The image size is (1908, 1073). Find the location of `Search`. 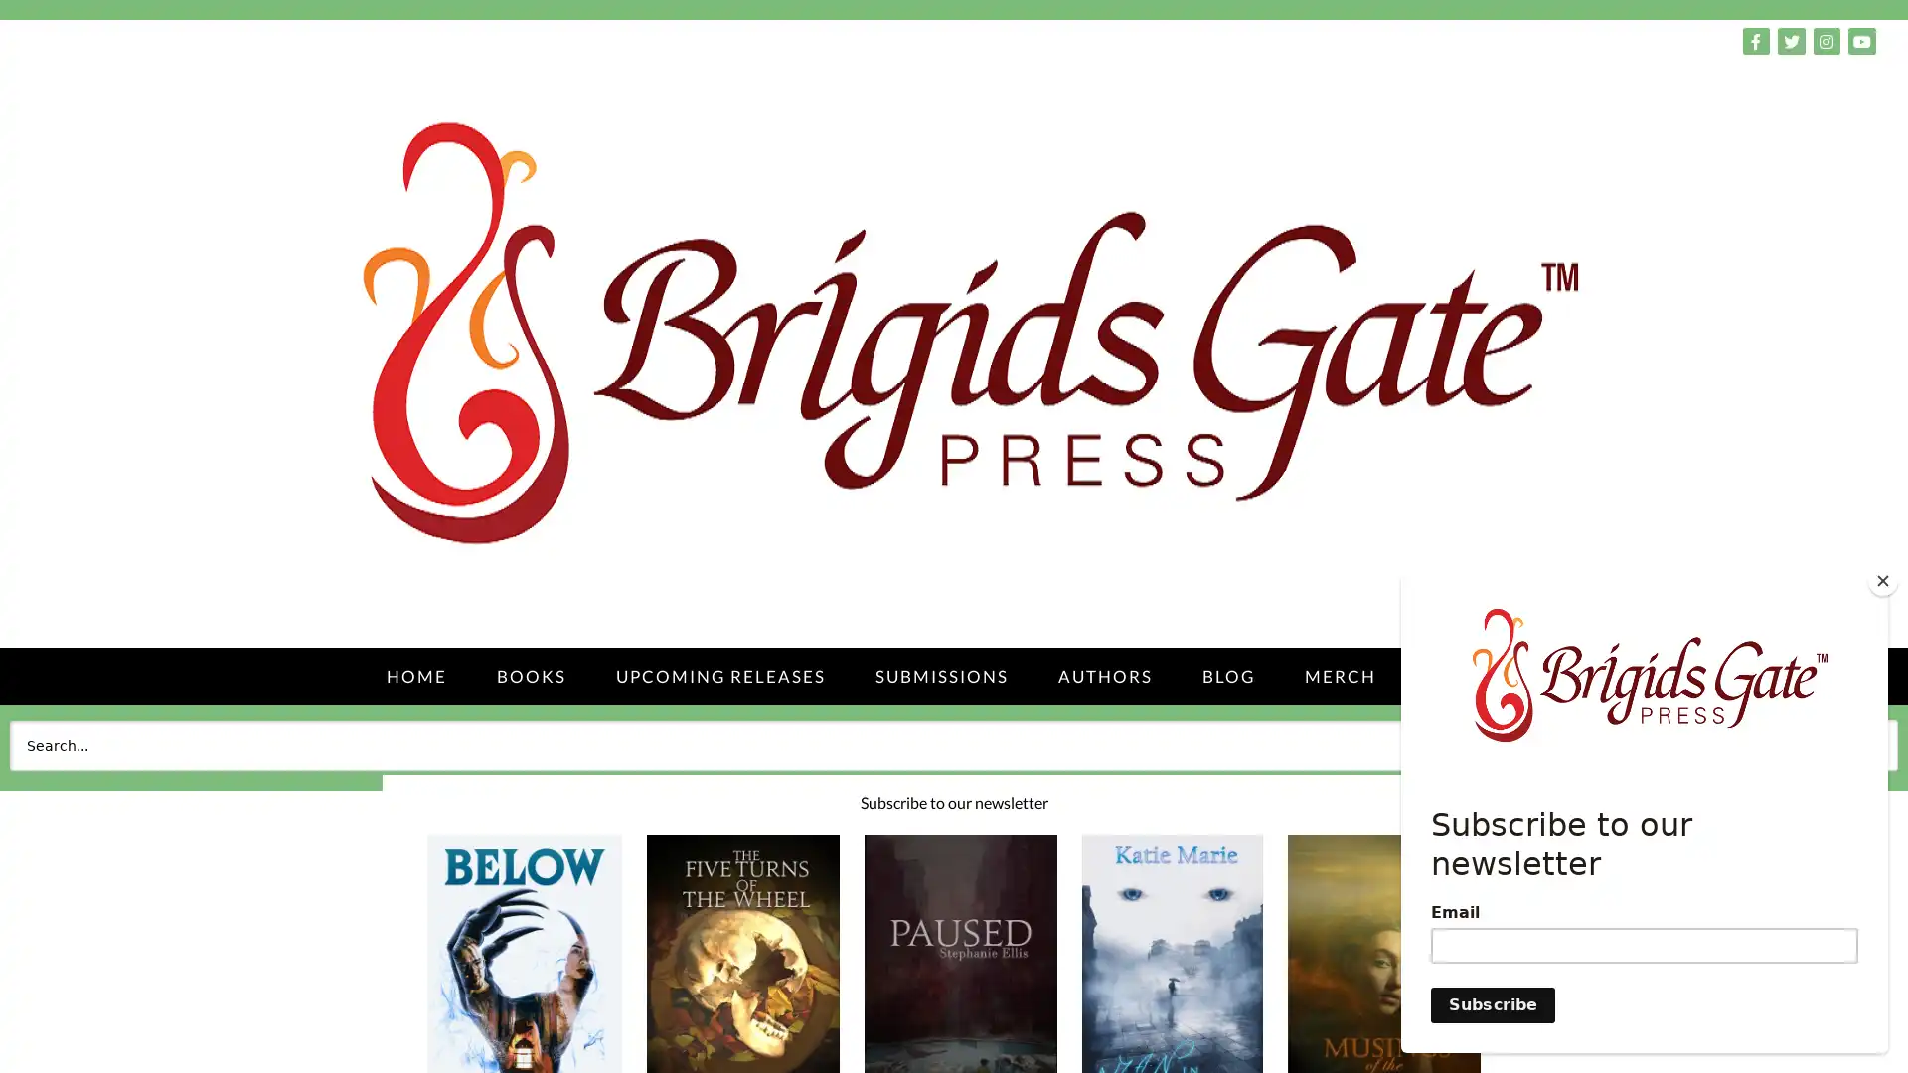

Search is located at coordinates (1852, 744).